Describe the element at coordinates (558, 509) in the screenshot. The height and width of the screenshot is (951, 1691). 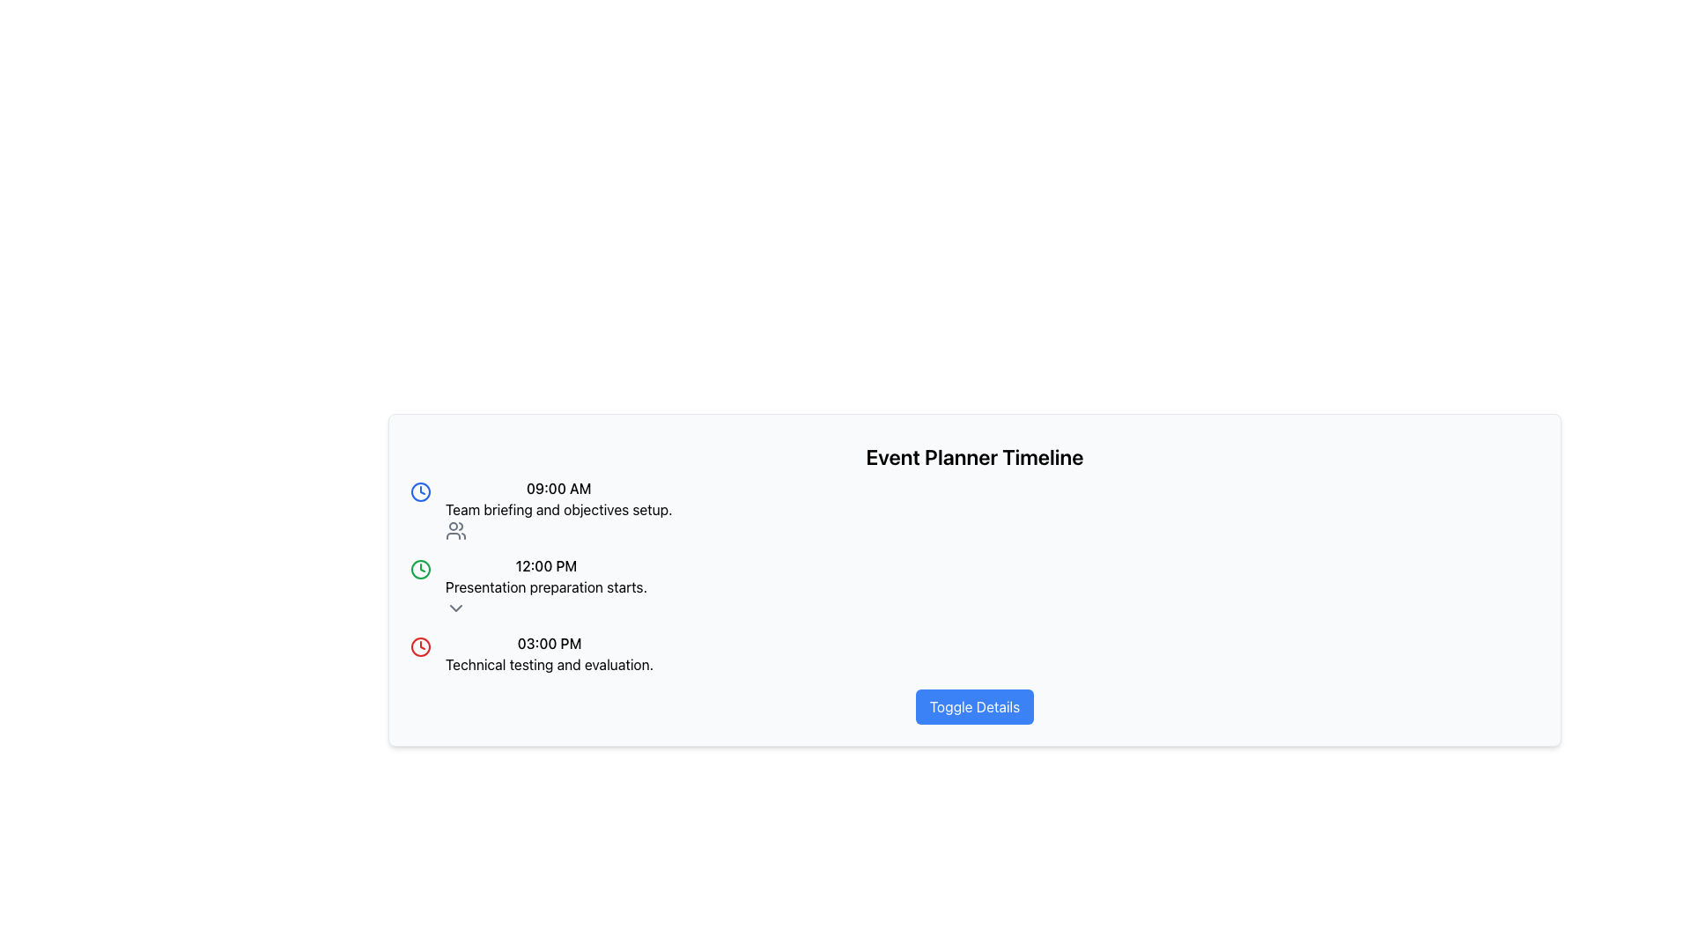
I see `the text label that reads 'Team briefing and objectives setup.' which is positioned beneath the time label '09:00 AM' in the event timeline layout` at that location.